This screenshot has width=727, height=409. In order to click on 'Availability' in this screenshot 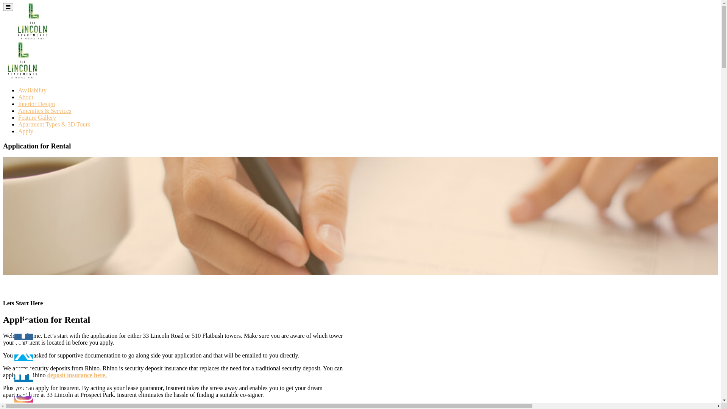, I will do `click(32, 90)`.